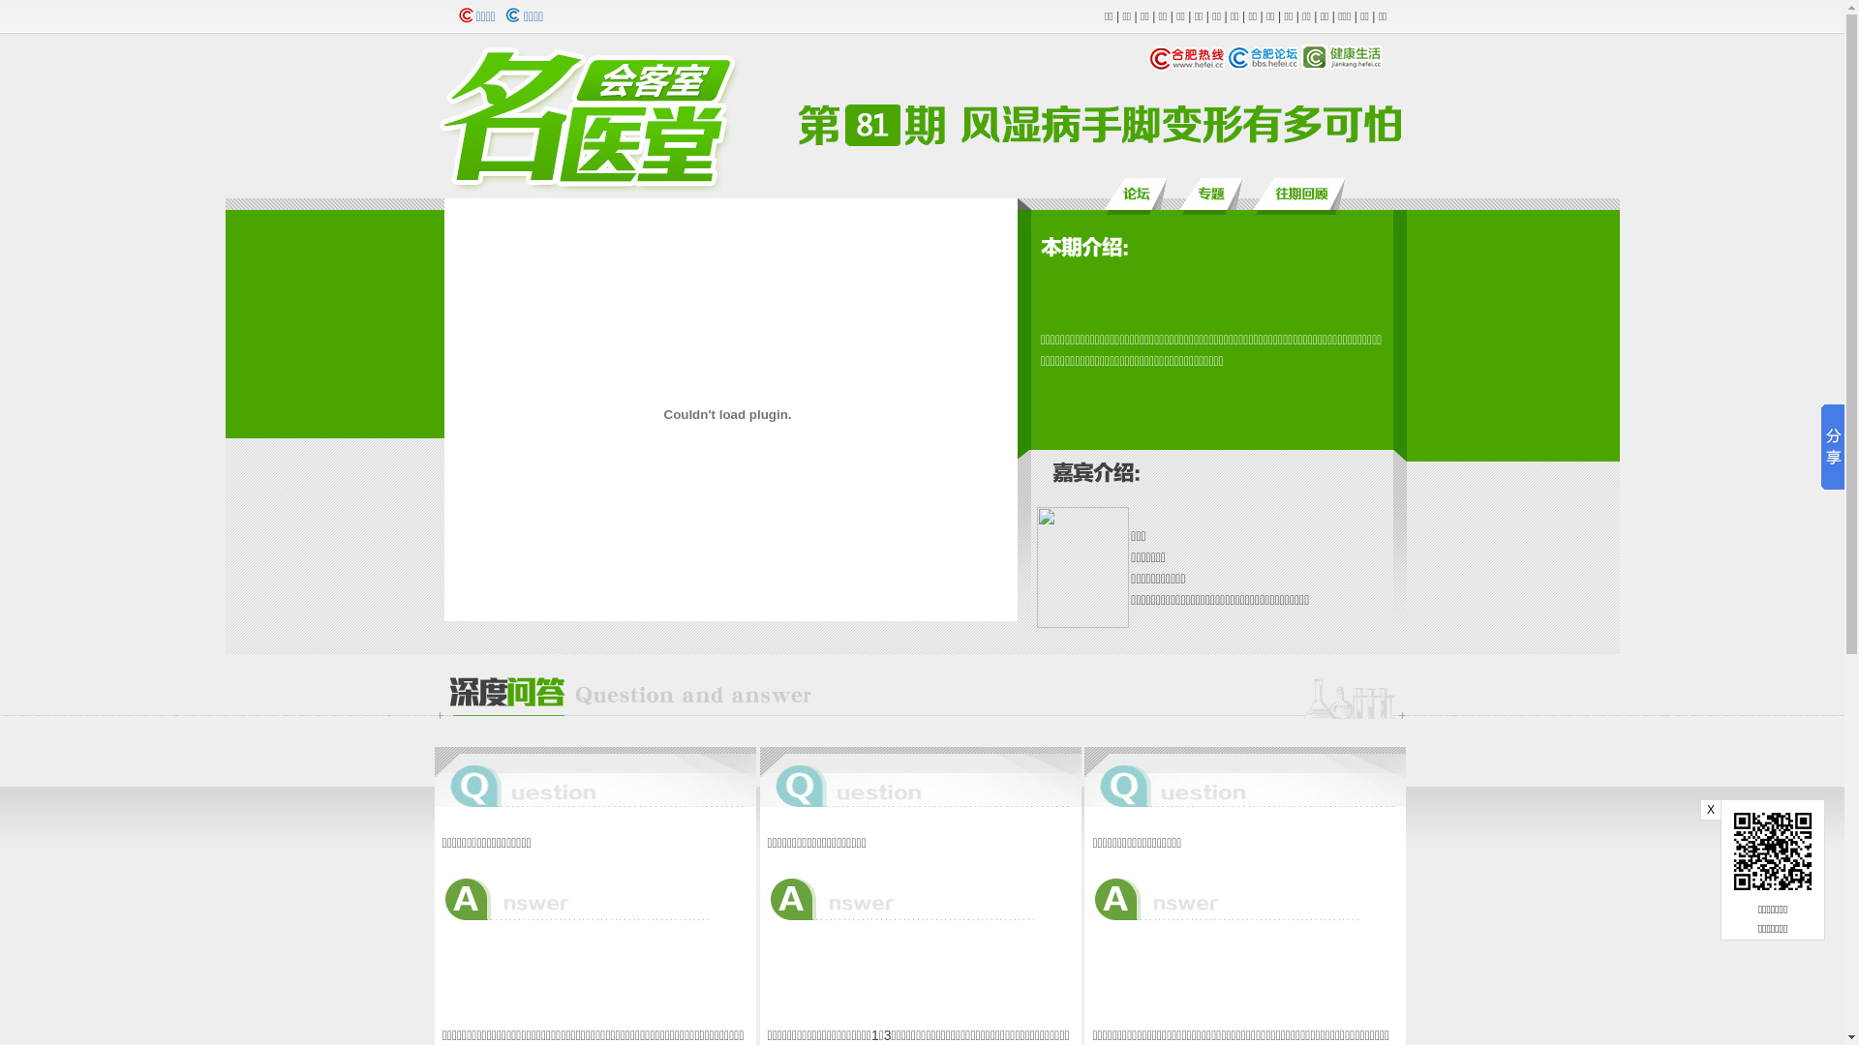 The image size is (1859, 1045). Describe the element at coordinates (1699, 810) in the screenshot. I see `'X'` at that location.